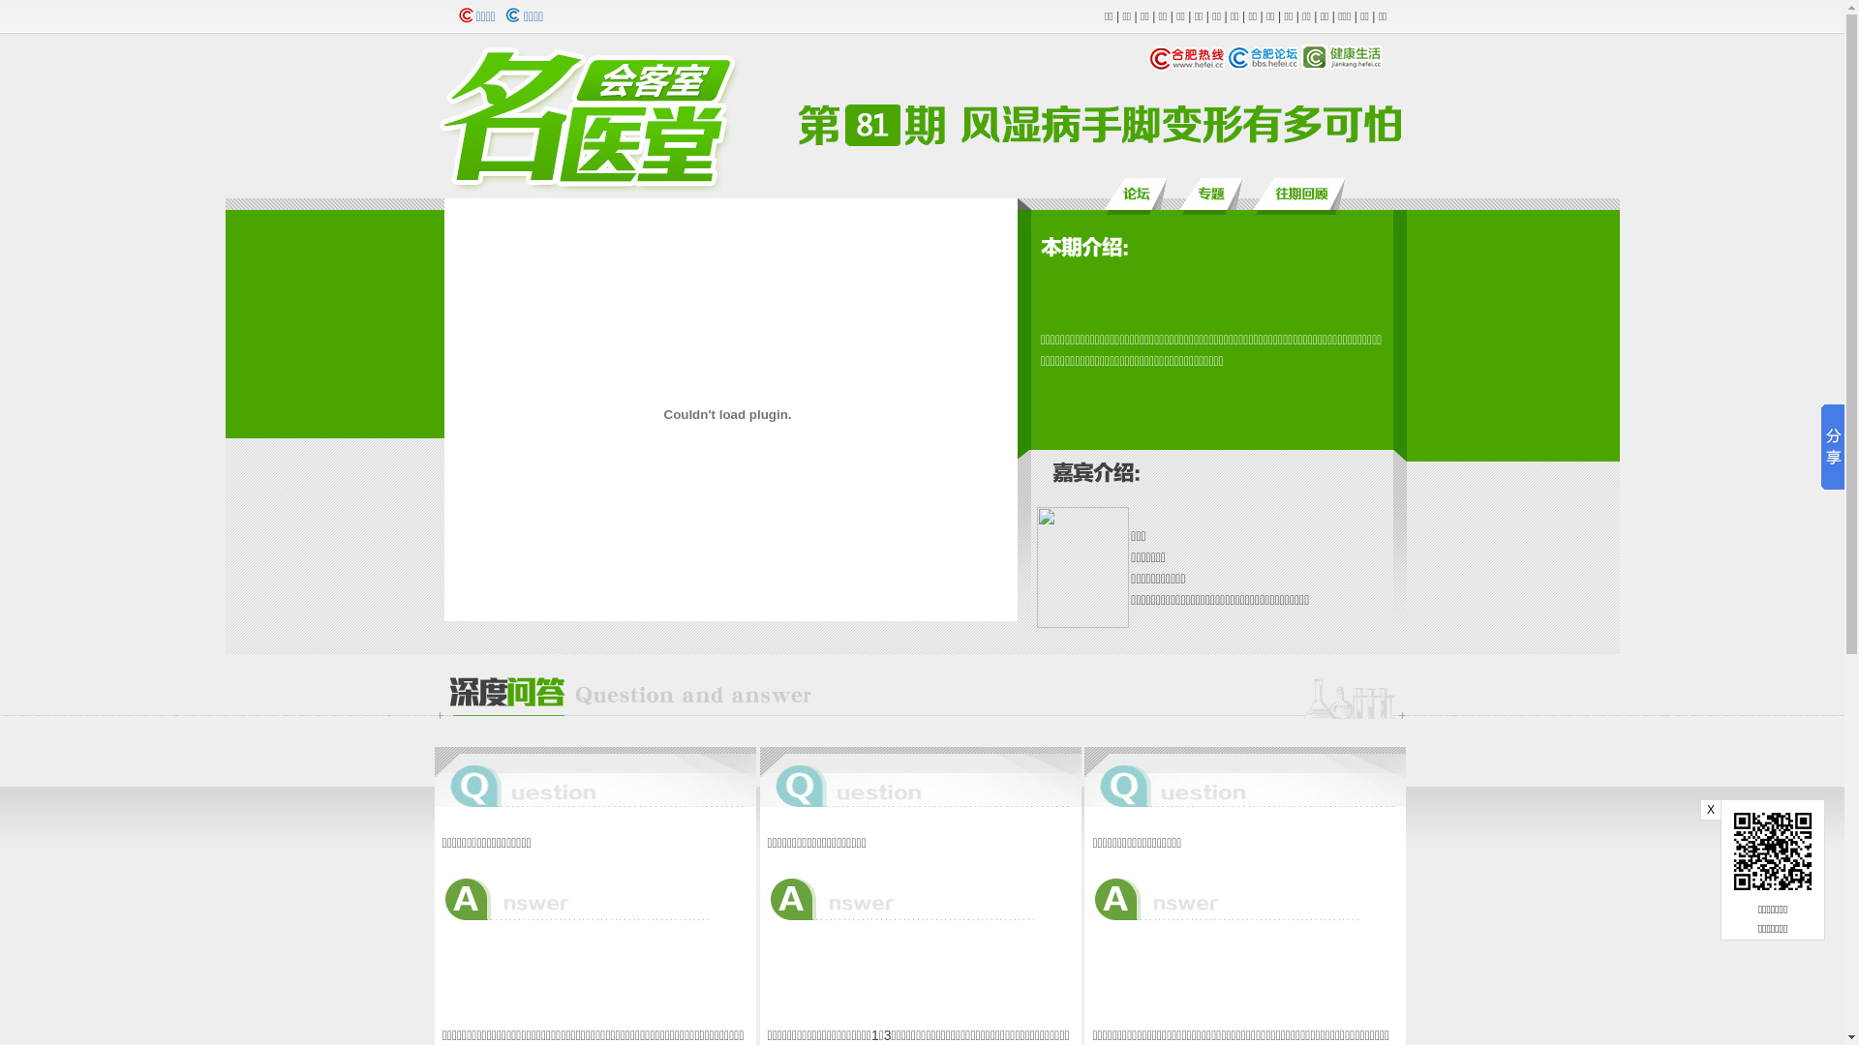 The image size is (1859, 1045). Describe the element at coordinates (1699, 810) in the screenshot. I see `'X'` at that location.